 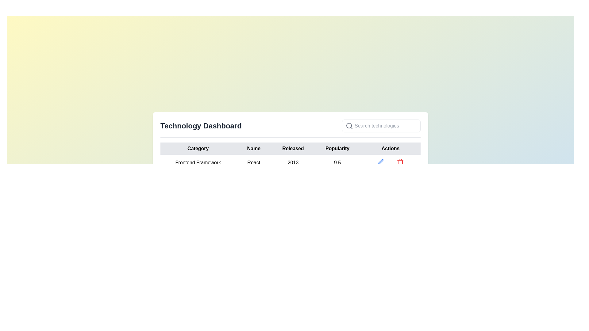 What do you see at coordinates (290, 149) in the screenshot?
I see `header labels of the Table Header Row which includes 'Category', 'Name', 'Released', 'Popularity', and 'Actions'` at bounding box center [290, 149].